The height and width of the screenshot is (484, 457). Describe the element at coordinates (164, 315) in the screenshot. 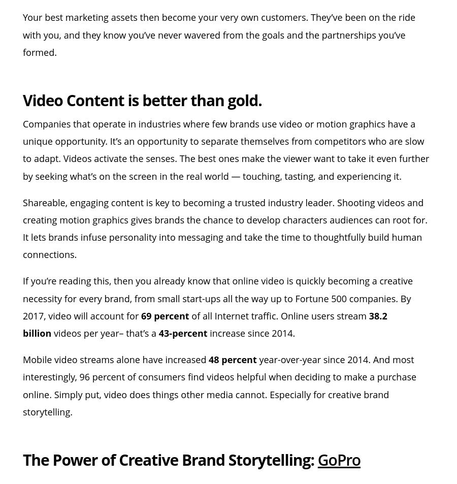

I see `'69 percent'` at that location.